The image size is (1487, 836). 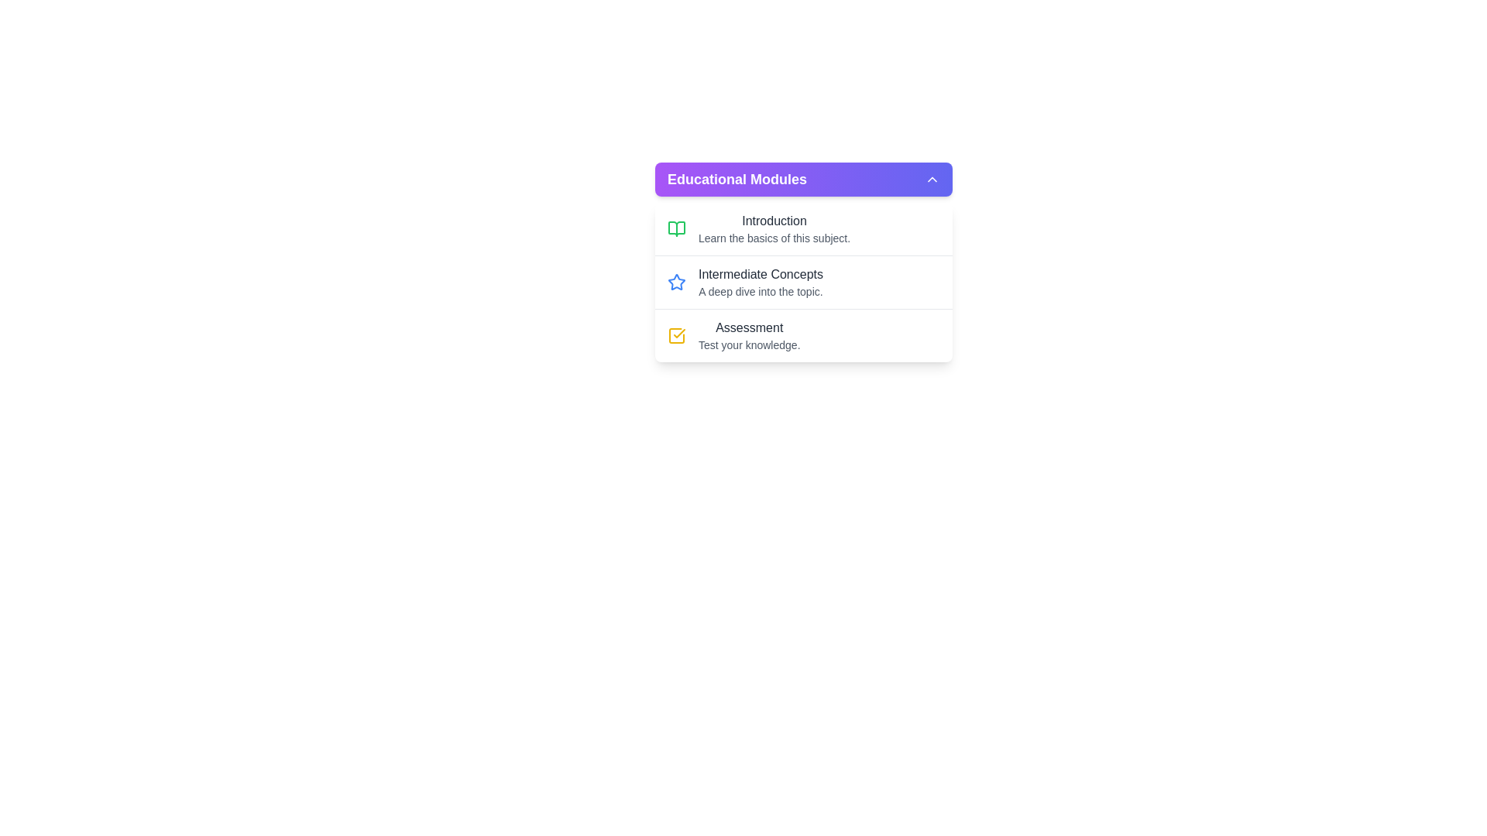 What do you see at coordinates (676, 335) in the screenshot?
I see `the third icon in the vertical list of Assessment modules, which serves as a visual indicator for completion or activation of the related Assessment module` at bounding box center [676, 335].